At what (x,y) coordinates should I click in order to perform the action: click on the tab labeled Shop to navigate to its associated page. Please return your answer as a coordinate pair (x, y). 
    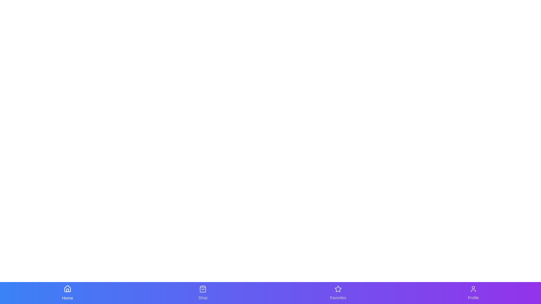
    Looking at the image, I should click on (203, 293).